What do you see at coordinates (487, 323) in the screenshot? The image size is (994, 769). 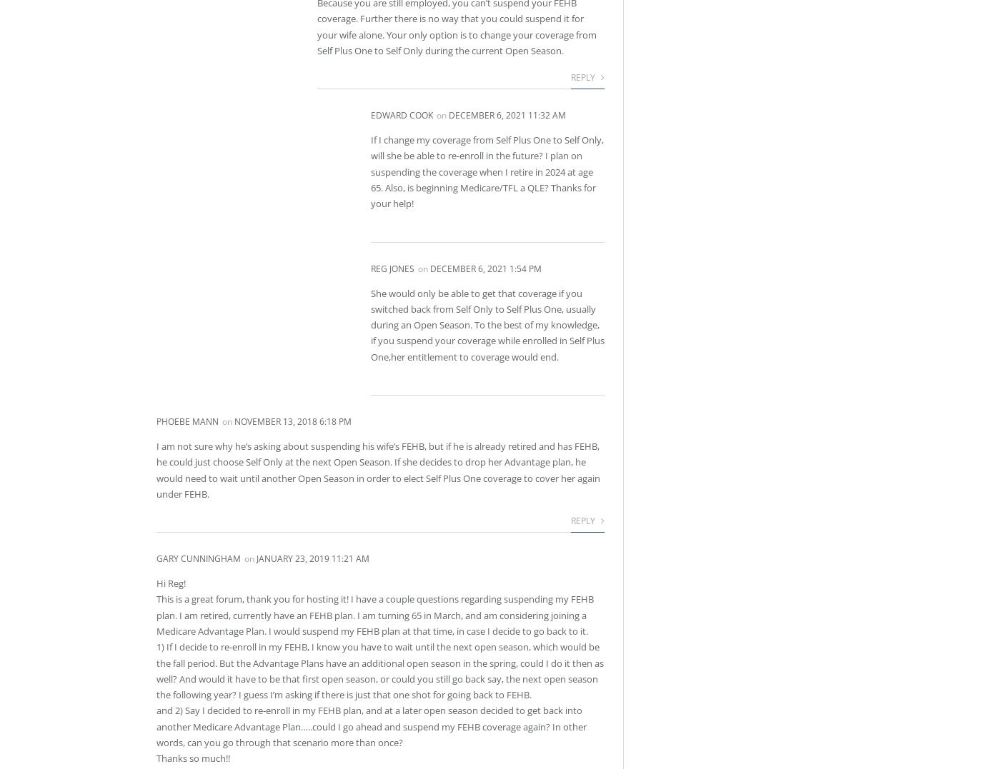 I see `'She would only be able to get that coverage if you switched back from Self Only to Self Plus One, usually  during an Open Season. To the best of my knowledge, if you suspend your coverage while enrolled in Self Plus One,her entitlement to coverage would end.'` at bounding box center [487, 323].